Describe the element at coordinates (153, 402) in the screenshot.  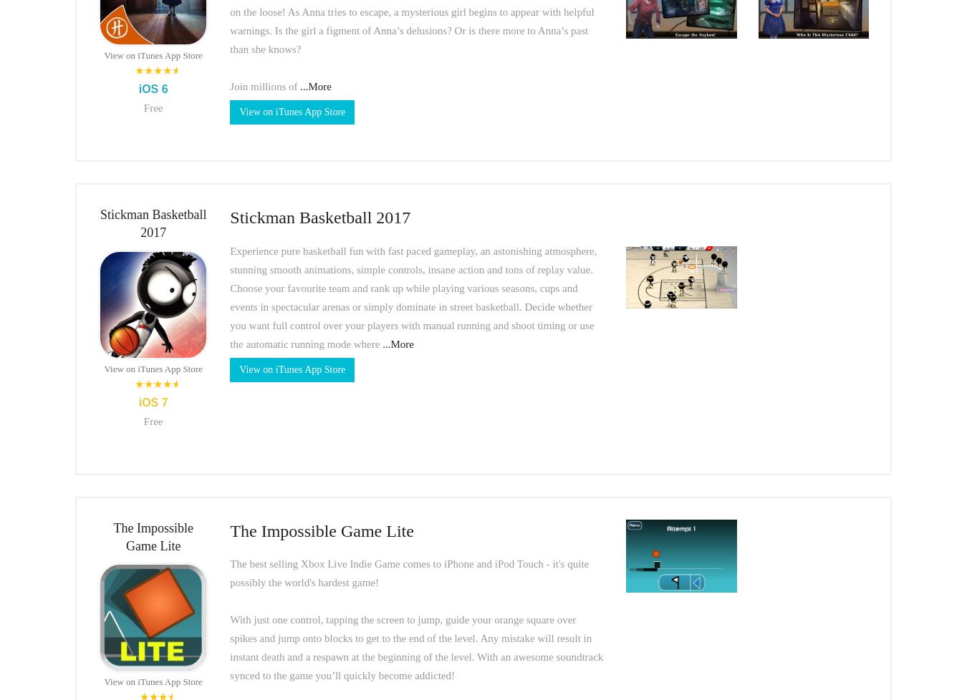
I see `'iOS 7'` at that location.